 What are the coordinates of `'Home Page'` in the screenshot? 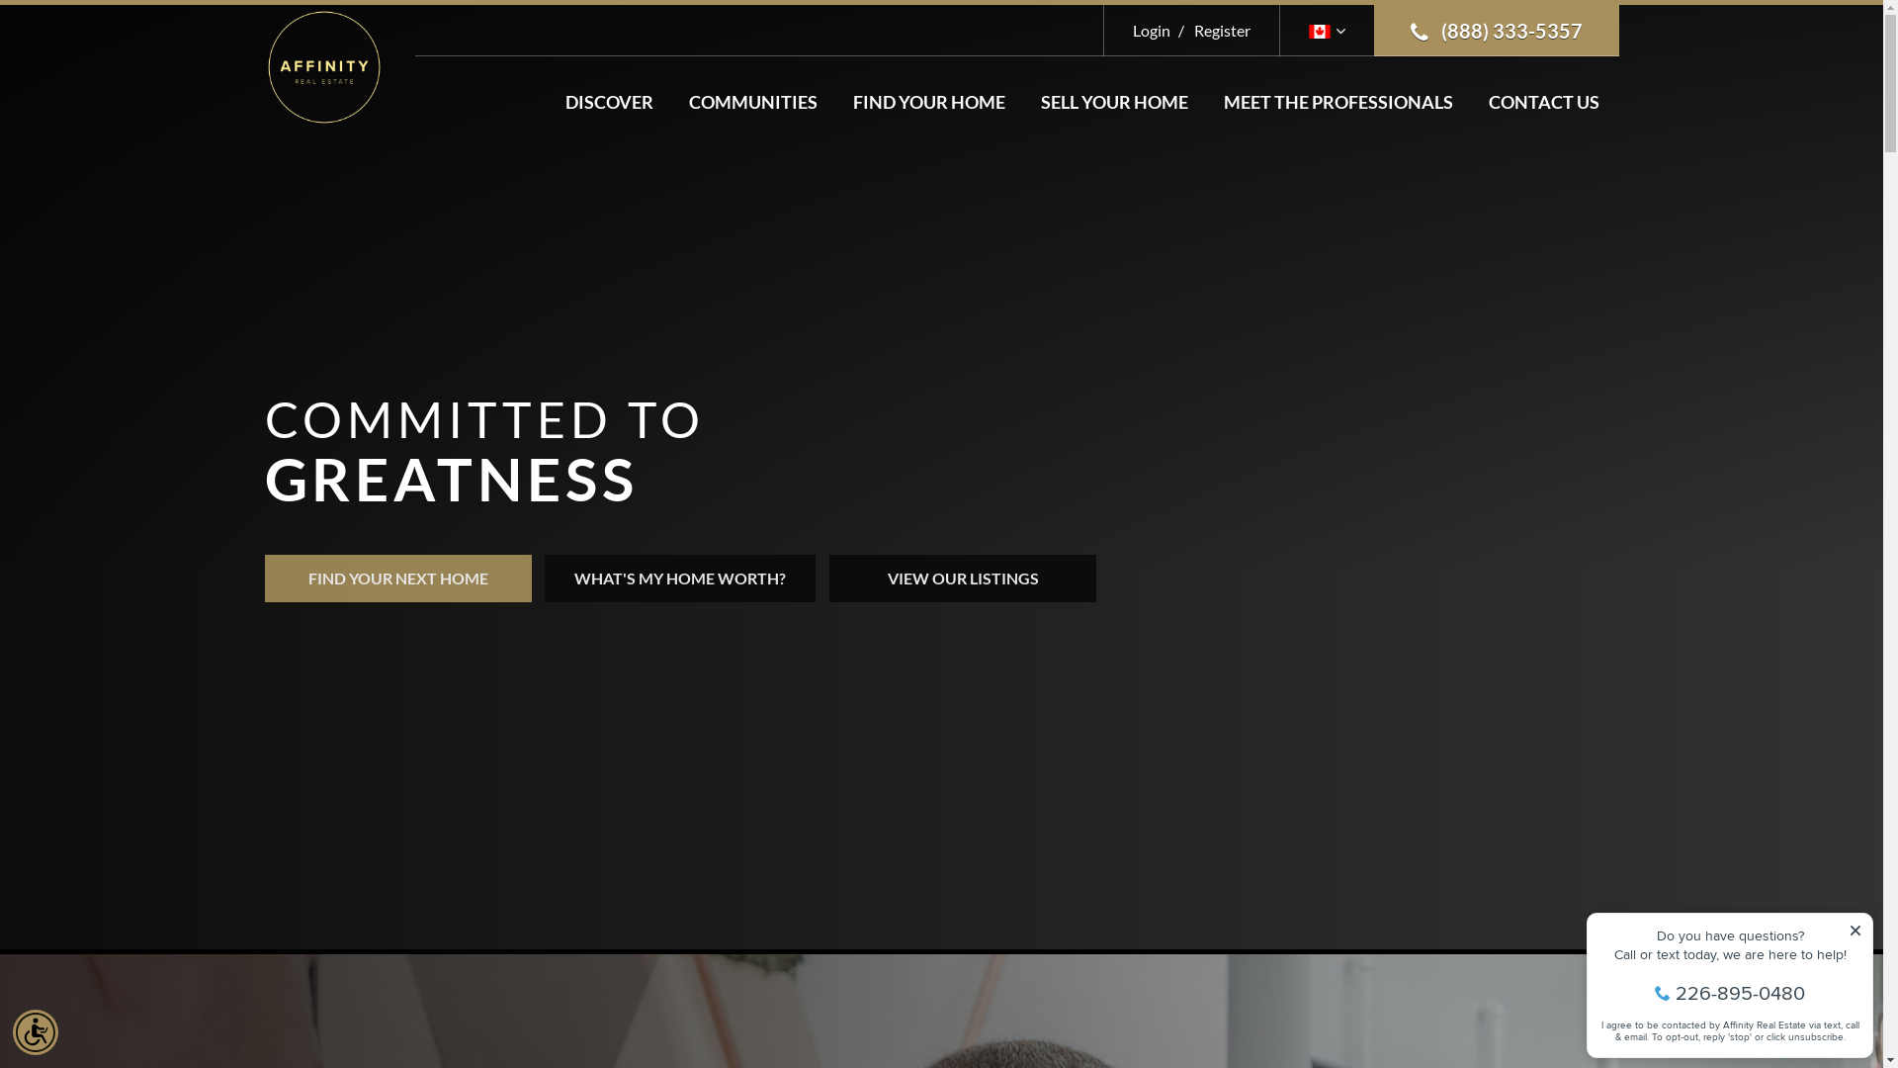 It's located at (264, 63).